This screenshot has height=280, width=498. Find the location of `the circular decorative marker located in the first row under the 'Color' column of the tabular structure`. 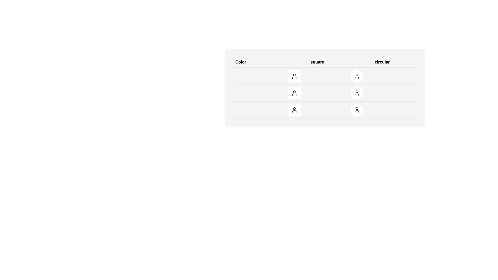

the circular decorative marker located in the first row under the 'Color' column of the tabular structure is located at coordinates (239, 76).